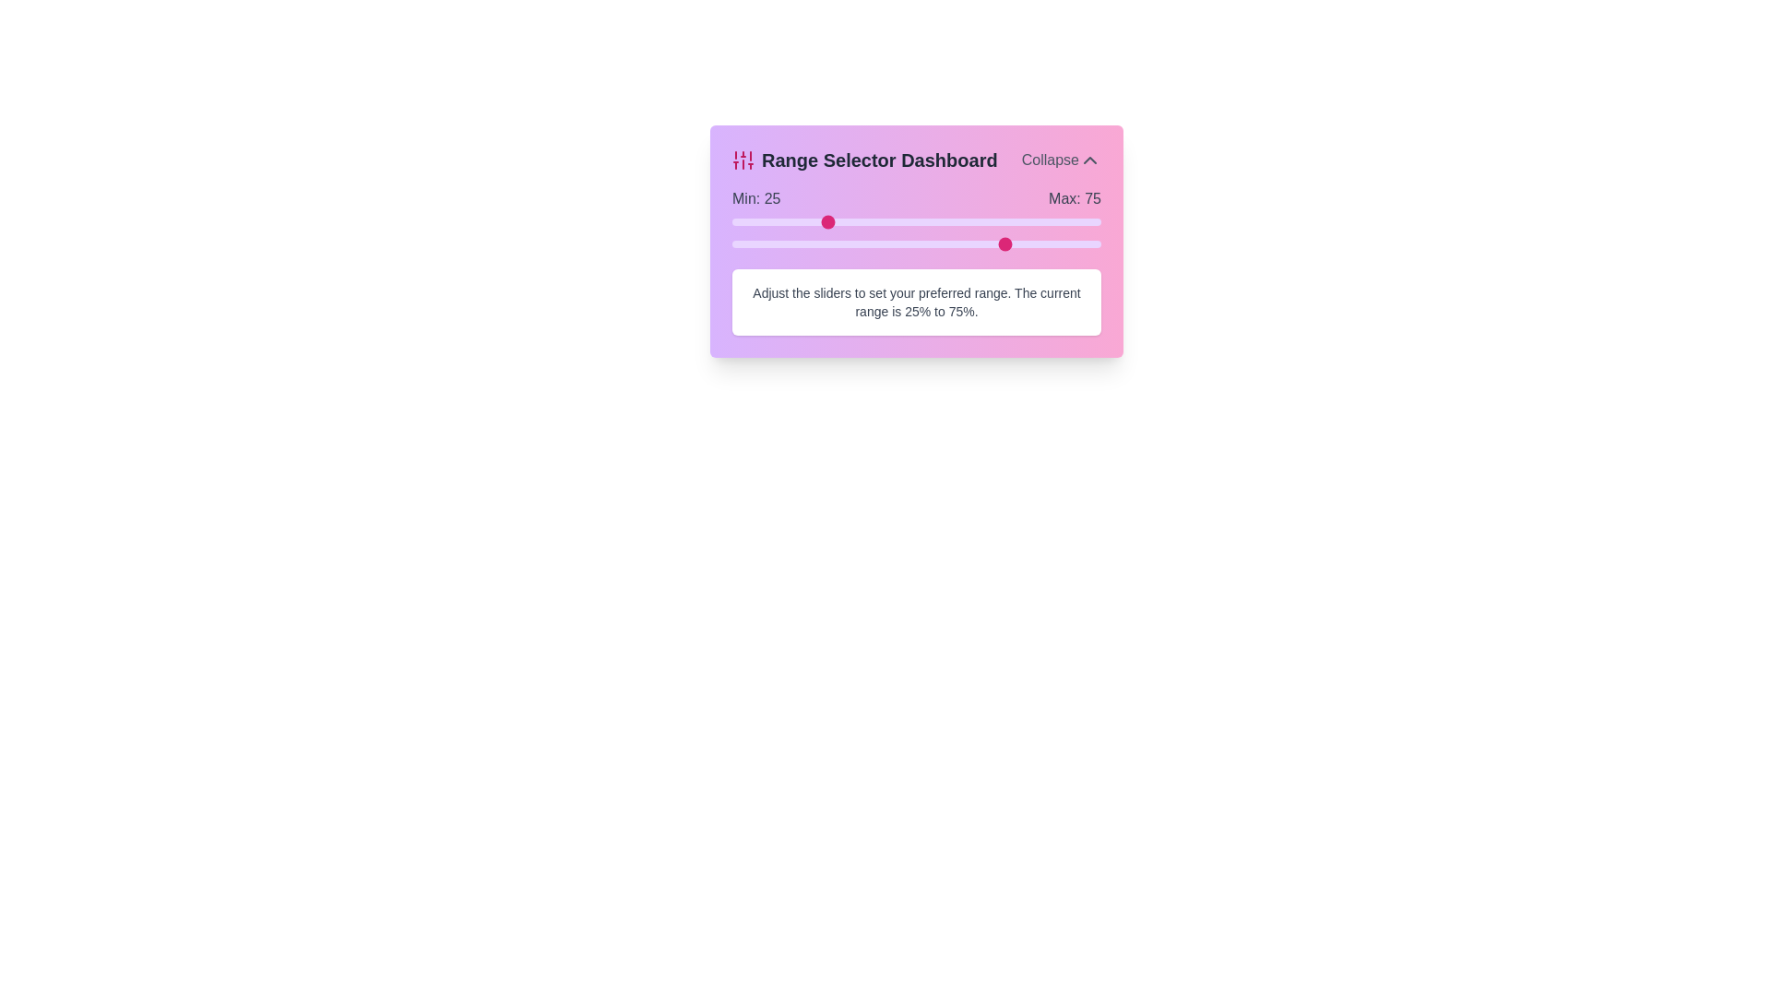 The height and width of the screenshot is (996, 1771). Describe the element at coordinates (751, 220) in the screenshot. I see `the minimum range slider to 5%` at that location.